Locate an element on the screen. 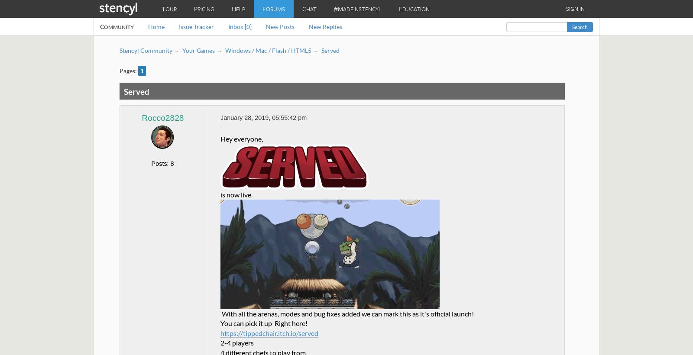 The width and height of the screenshot is (693, 355). '1' is located at coordinates (140, 70).